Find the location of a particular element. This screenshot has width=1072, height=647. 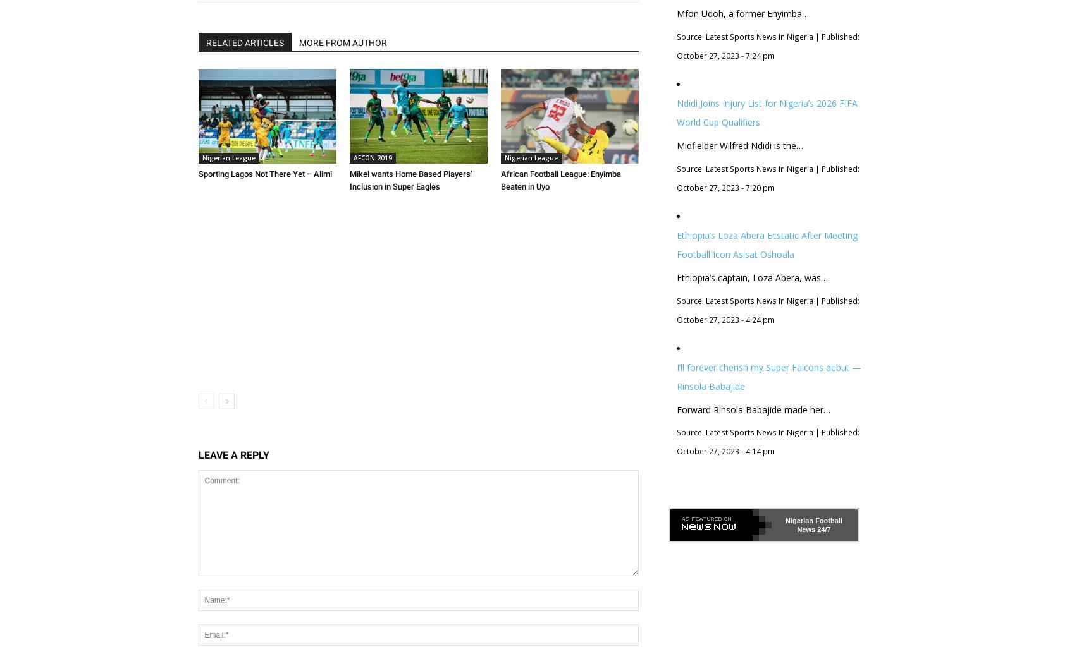

'Ethiopia’s captain, Loza Abera, was…' is located at coordinates (751, 277).